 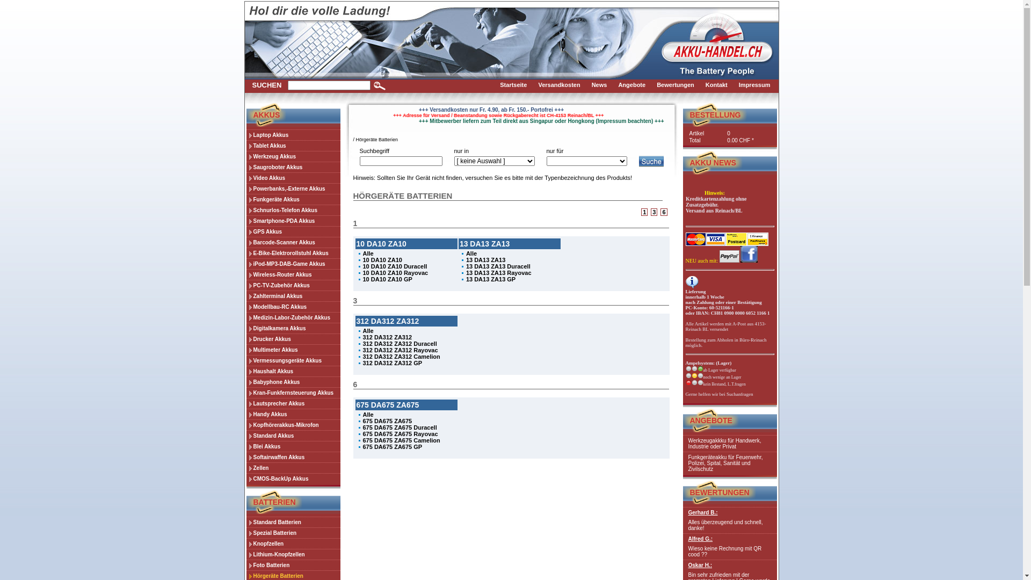 What do you see at coordinates (293, 350) in the screenshot?
I see `'Multimeter Akkus'` at bounding box center [293, 350].